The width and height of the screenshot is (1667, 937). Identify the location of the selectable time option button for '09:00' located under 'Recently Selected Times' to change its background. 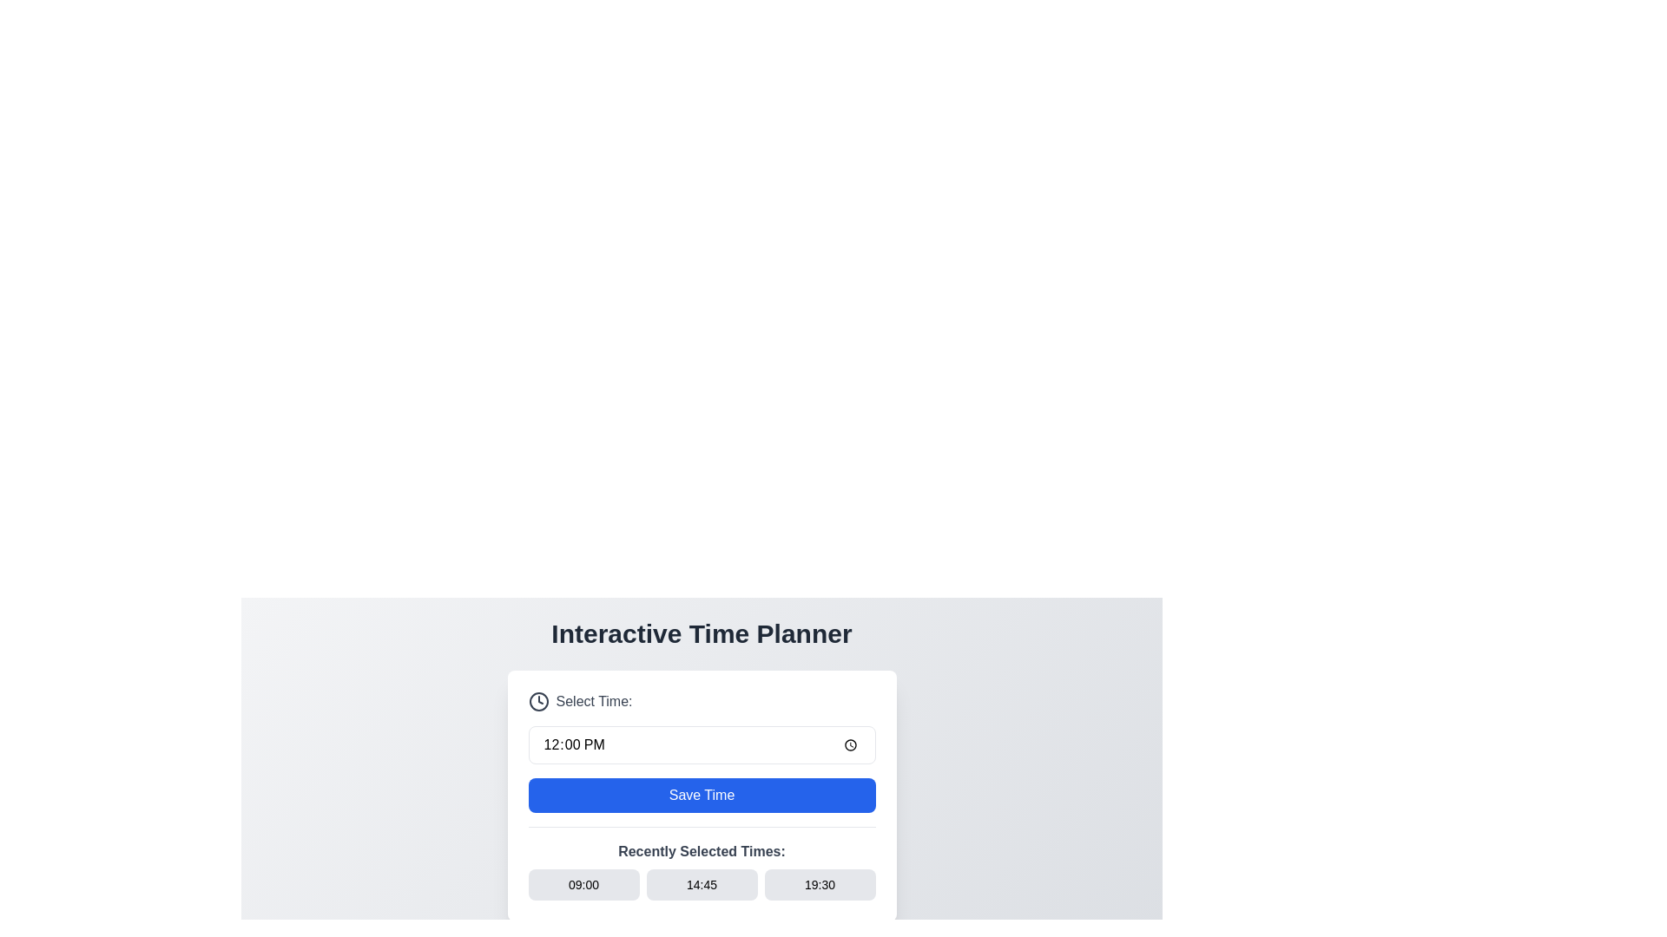
(583, 884).